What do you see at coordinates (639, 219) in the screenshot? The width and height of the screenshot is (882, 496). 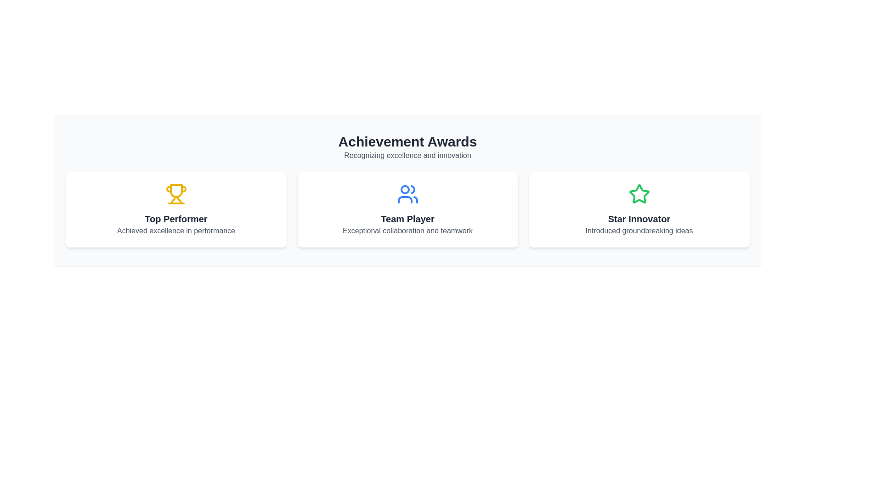 I see `the bold, large-sized text label displaying 'Star Innovator' located at the top-center of the rightmost card in the 'Achievement Awards' section` at bounding box center [639, 219].